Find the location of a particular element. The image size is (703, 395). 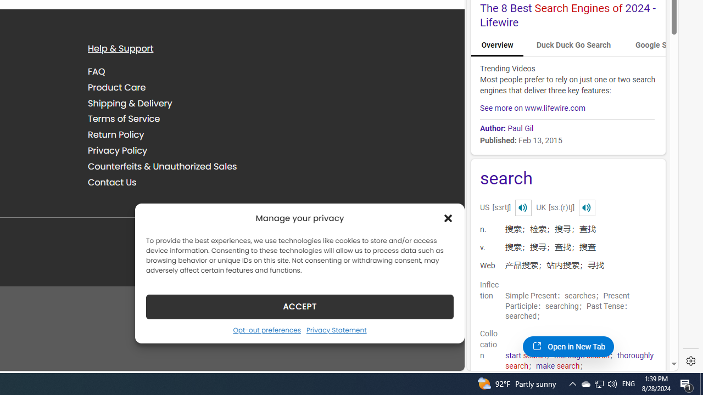

'Counterfeits & Unauthorized Sales' is located at coordinates (162, 166).